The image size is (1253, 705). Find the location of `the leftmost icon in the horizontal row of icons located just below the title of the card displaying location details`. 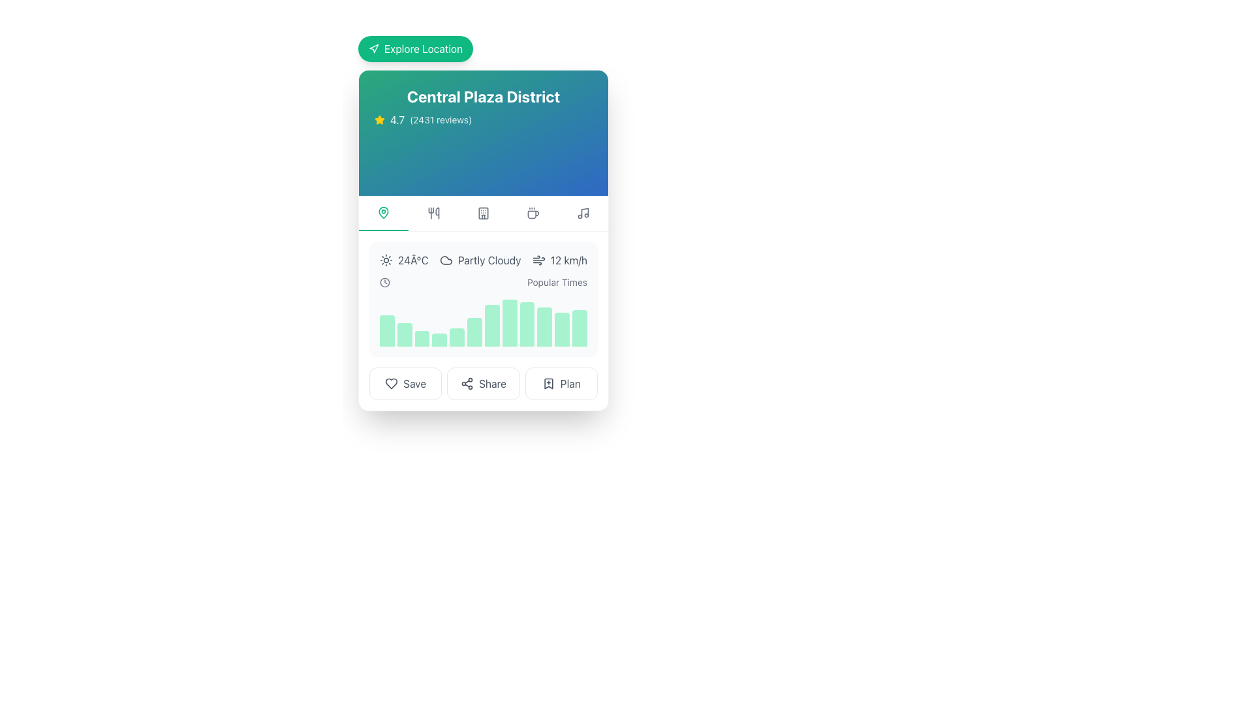

the leftmost icon in the horizontal row of icons located just below the title of the card displaying location details is located at coordinates (383, 211).